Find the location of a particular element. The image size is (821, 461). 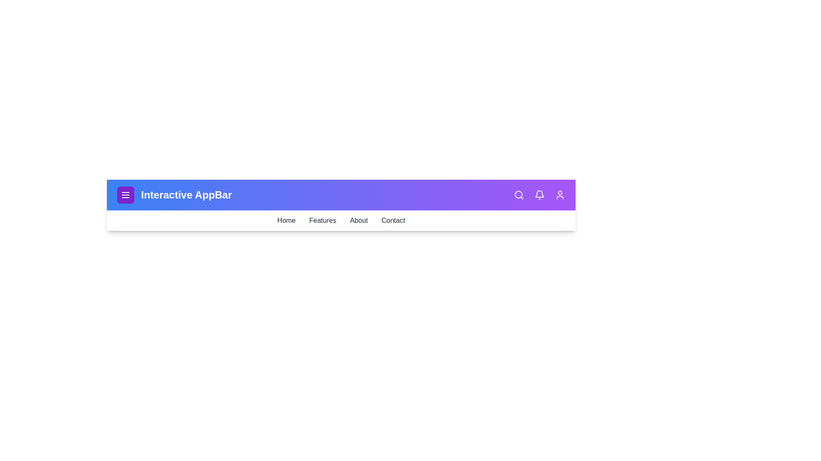

the About link in the navigation menu is located at coordinates (359, 220).